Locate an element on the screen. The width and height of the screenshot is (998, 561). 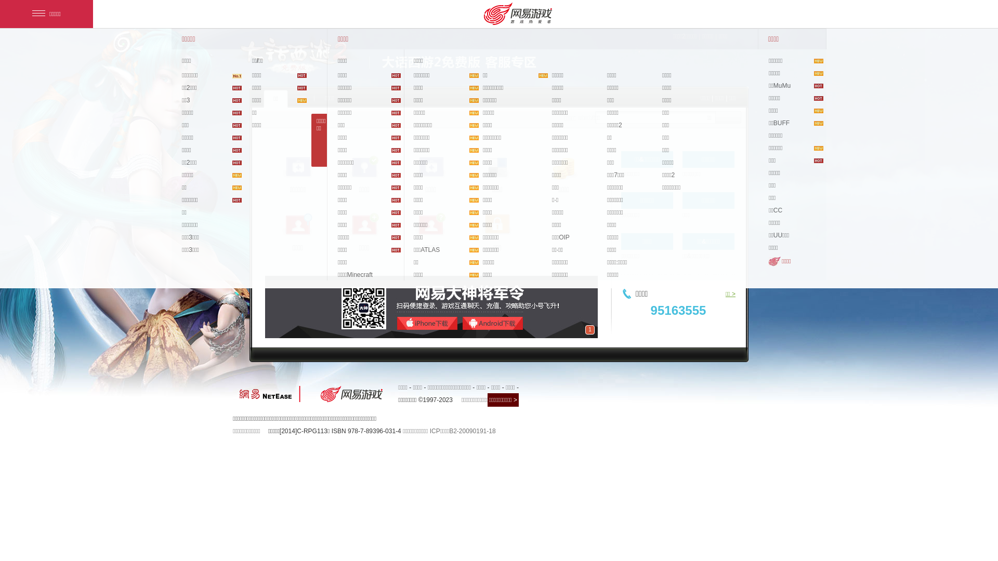
'1' is located at coordinates (585, 330).